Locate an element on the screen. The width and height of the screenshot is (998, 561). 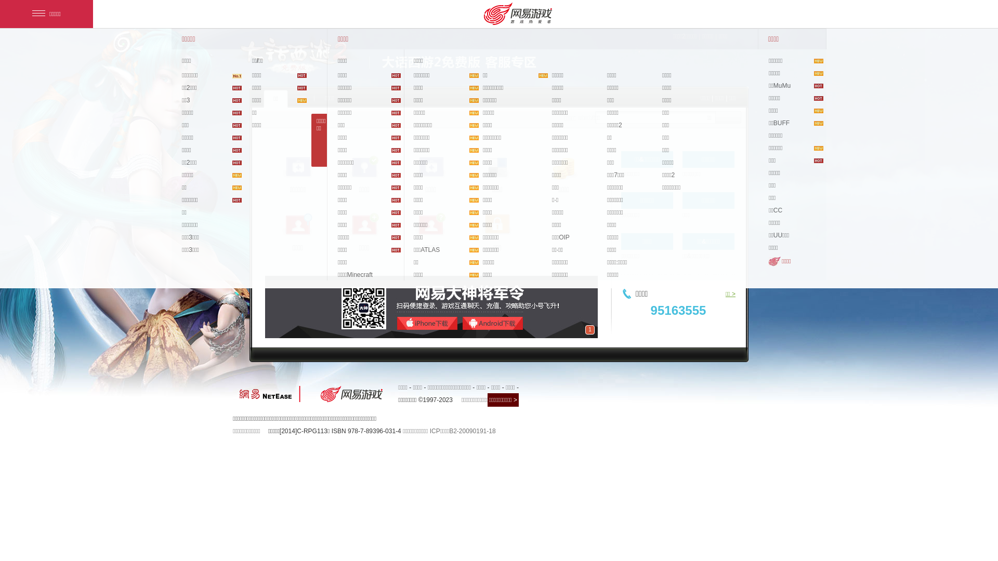
'1' is located at coordinates (585, 330).